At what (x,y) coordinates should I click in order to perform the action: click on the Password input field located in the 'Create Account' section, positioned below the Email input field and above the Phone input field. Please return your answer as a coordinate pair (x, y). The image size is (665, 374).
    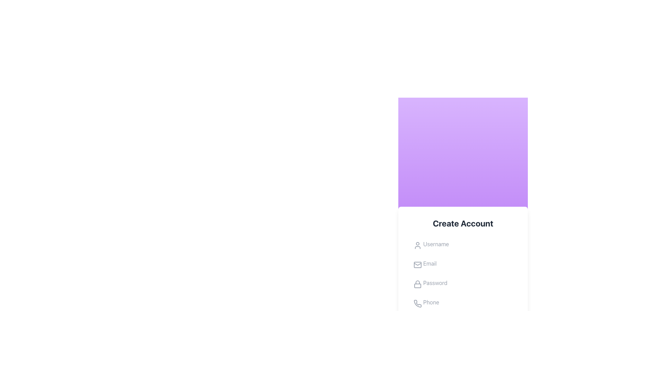
    Looking at the image, I should click on (463, 283).